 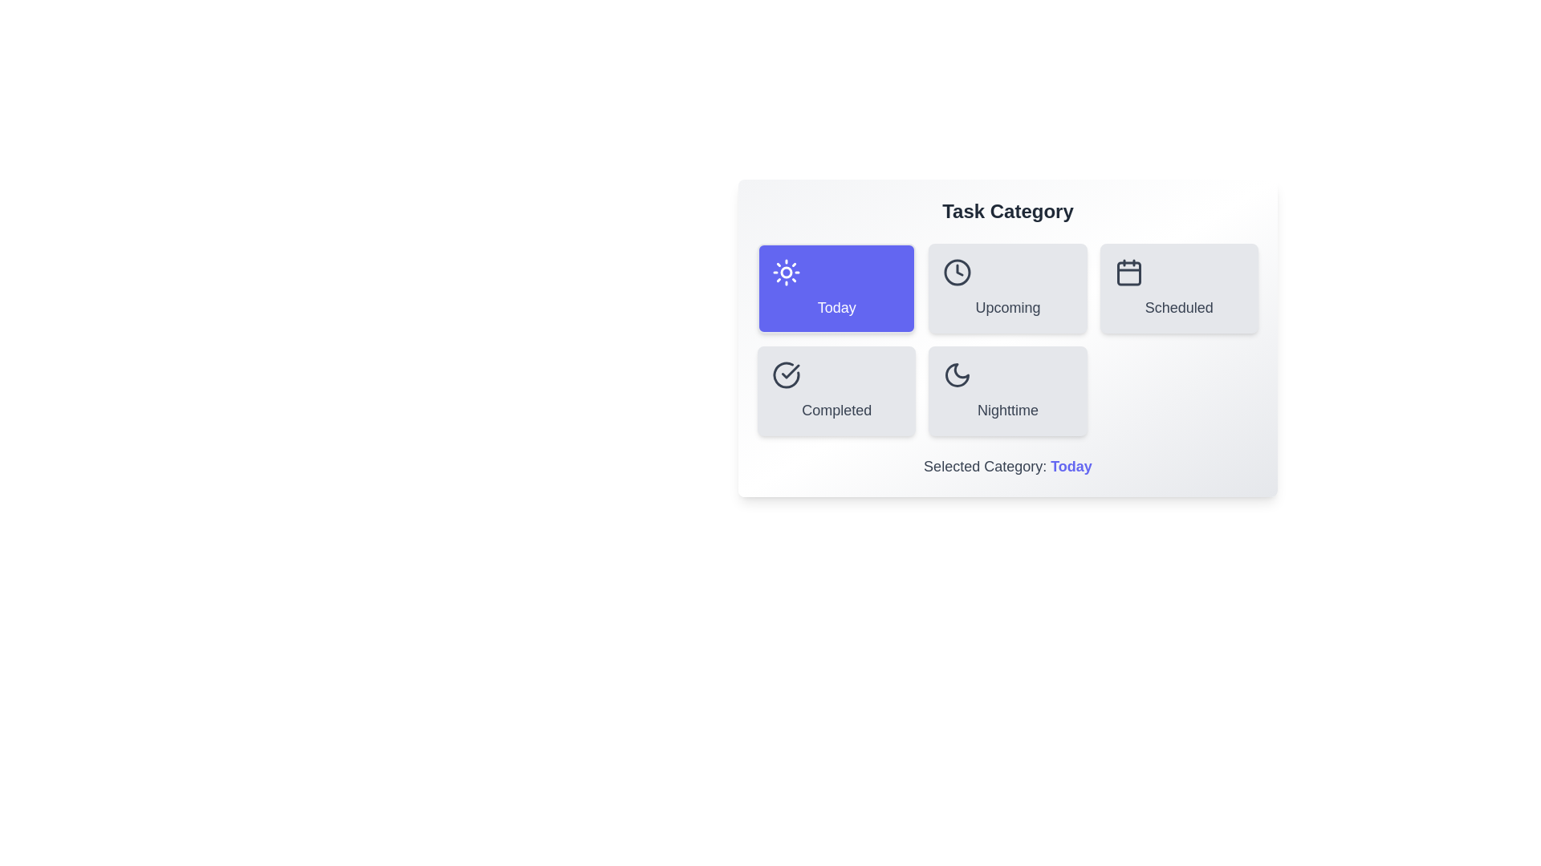 What do you see at coordinates (836, 287) in the screenshot?
I see `the category button labeled 'Today' to observe its hover effect` at bounding box center [836, 287].